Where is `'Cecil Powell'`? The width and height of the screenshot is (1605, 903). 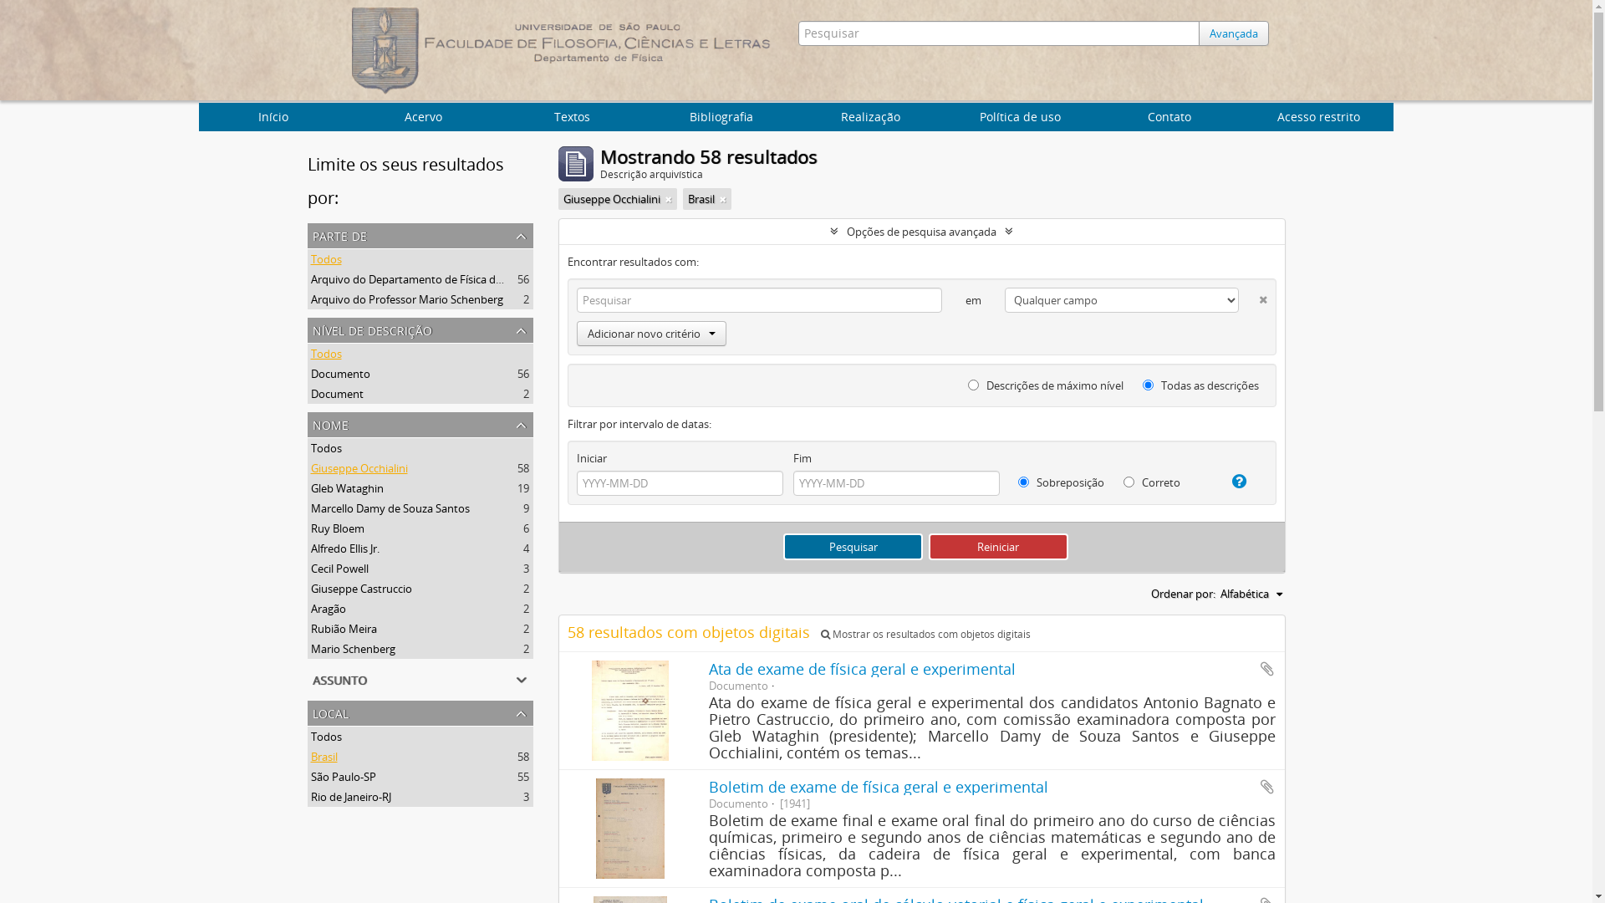 'Cecil Powell' is located at coordinates (311, 567).